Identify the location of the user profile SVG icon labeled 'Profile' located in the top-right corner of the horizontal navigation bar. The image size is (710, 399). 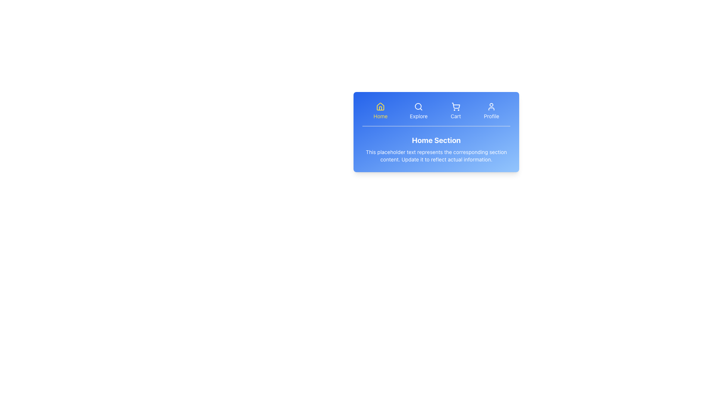
(491, 107).